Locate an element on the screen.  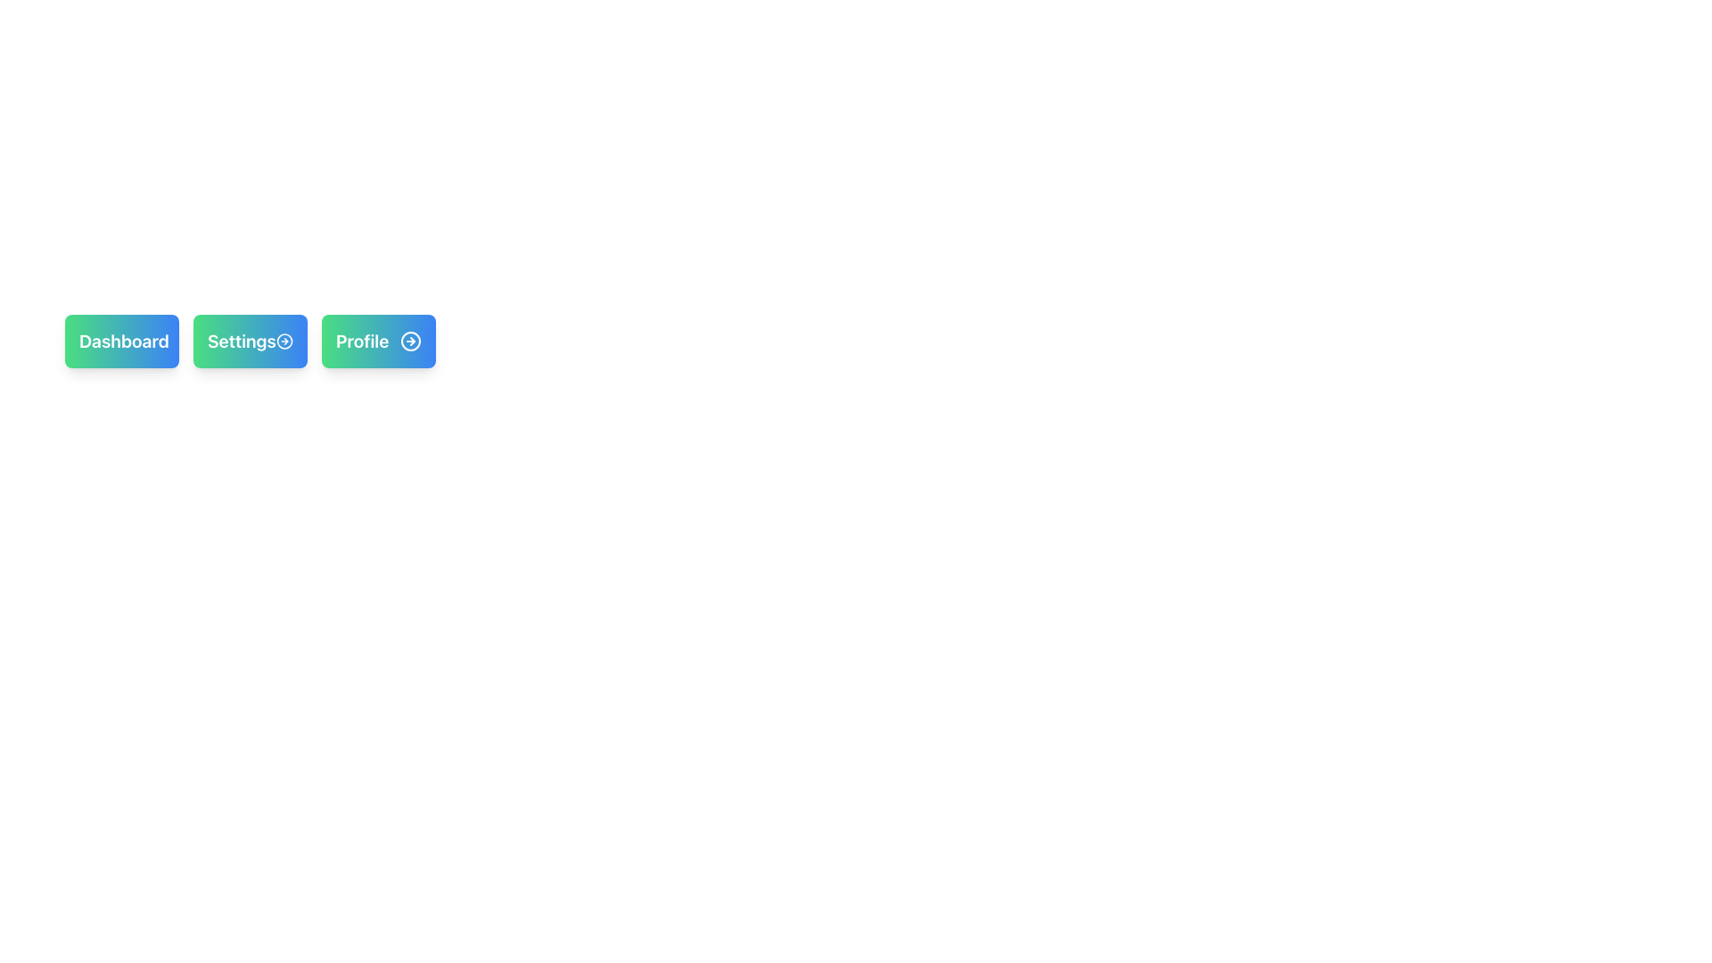
the 'Profile' button, which is the last item in a three-item grid layout, positioned to the far right after 'Dashboard' and 'Settings' is located at coordinates (378, 341).